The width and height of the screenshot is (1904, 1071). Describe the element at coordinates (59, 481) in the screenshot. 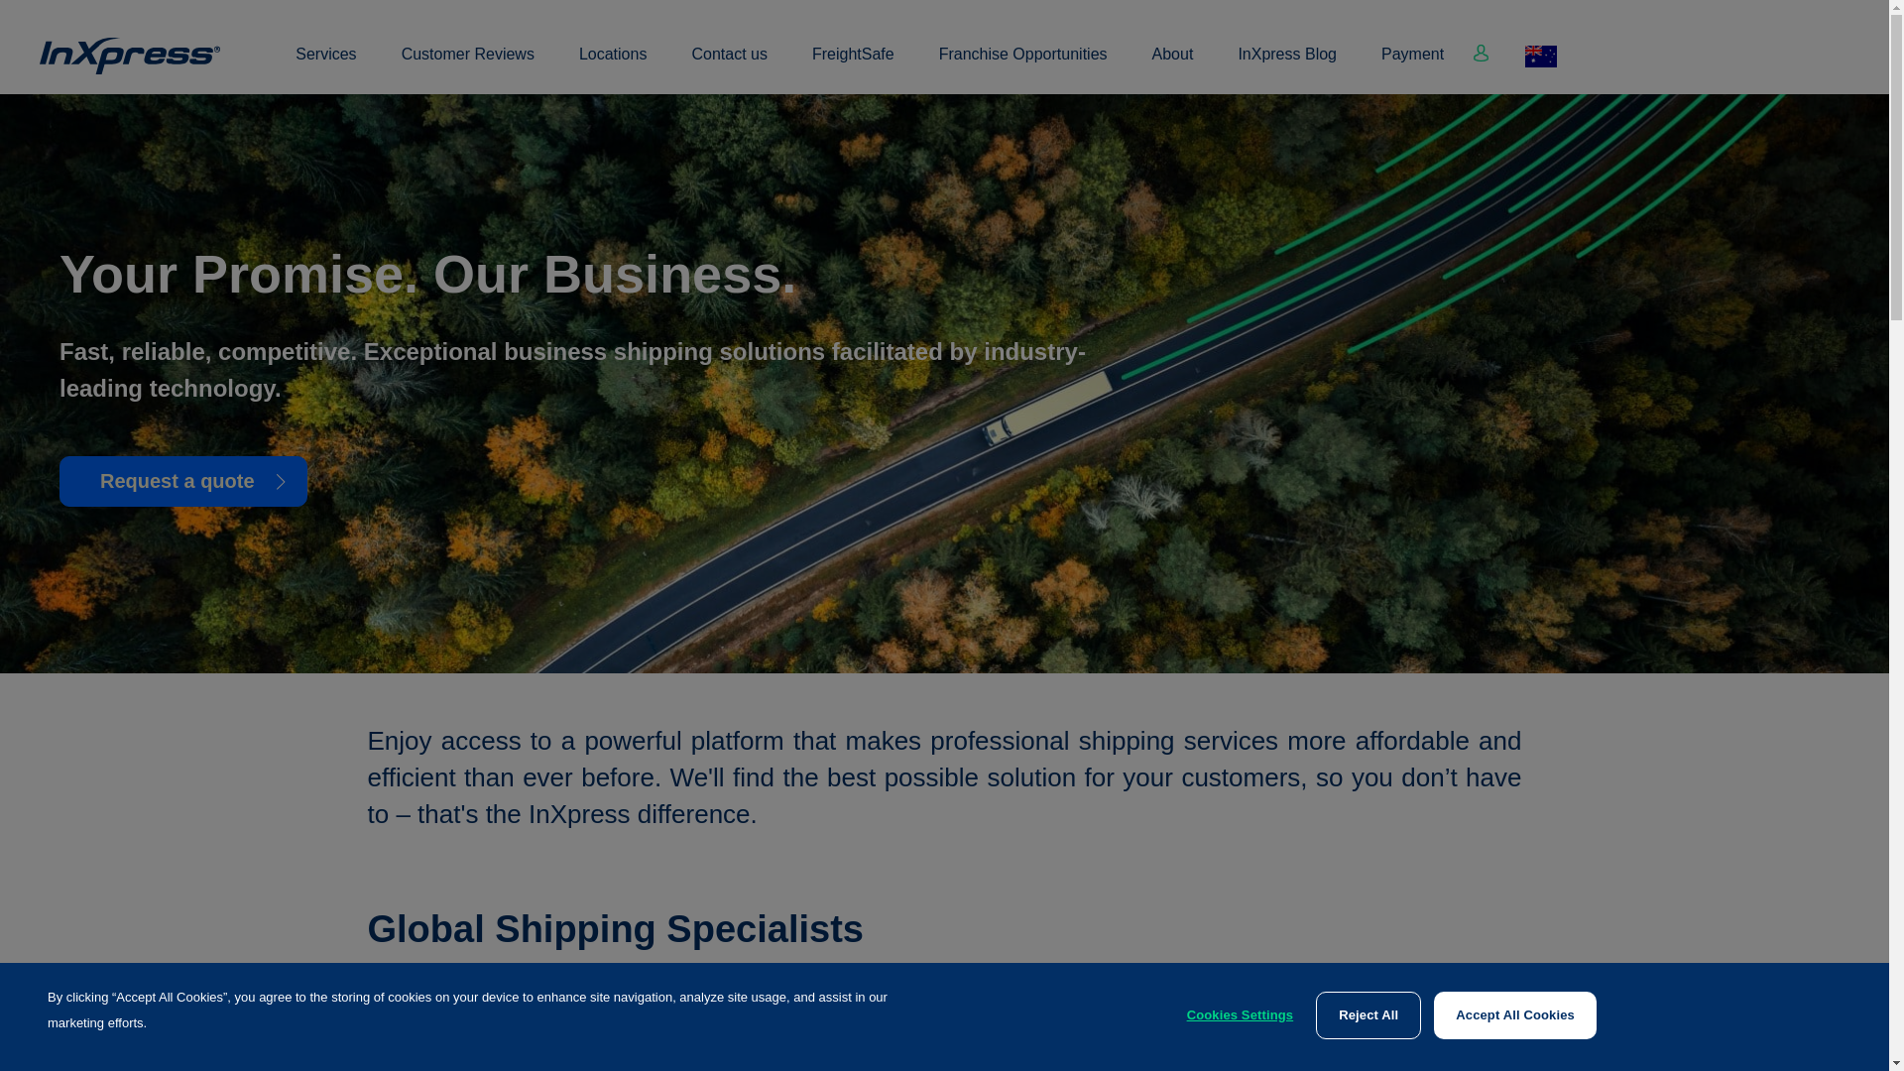

I see `'Request a quote'` at that location.